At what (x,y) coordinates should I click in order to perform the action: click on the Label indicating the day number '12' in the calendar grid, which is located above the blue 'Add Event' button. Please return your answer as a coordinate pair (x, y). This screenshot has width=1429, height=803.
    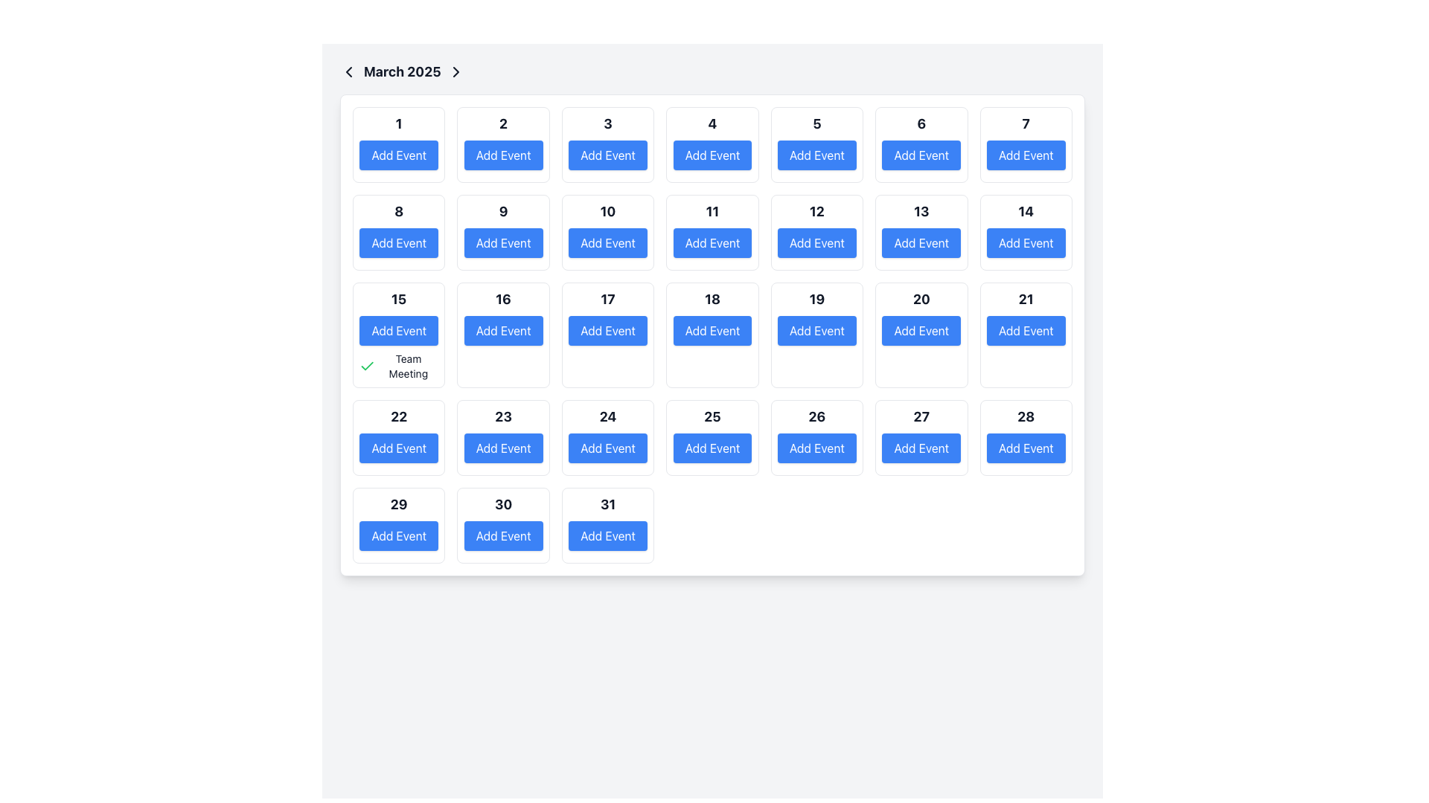
    Looking at the image, I should click on (816, 212).